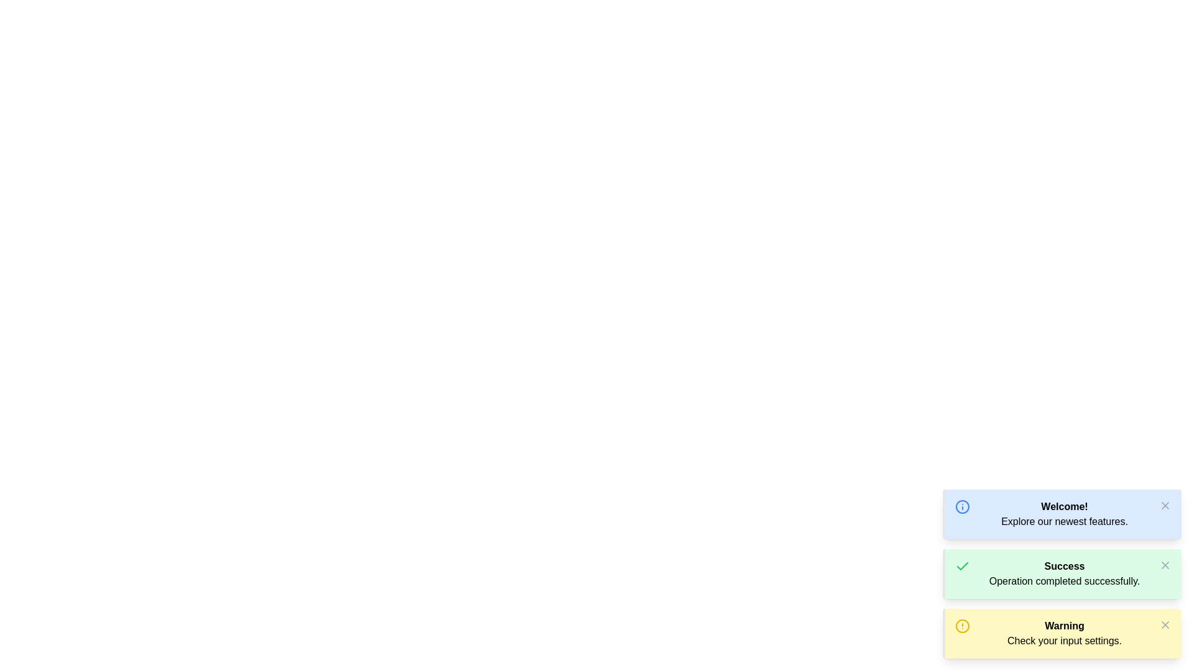 The width and height of the screenshot is (1194, 671). I want to click on the circular graphical icon component of the information icon located within the notification box labeled 'Welcome! Explore our newest features.', so click(962, 507).